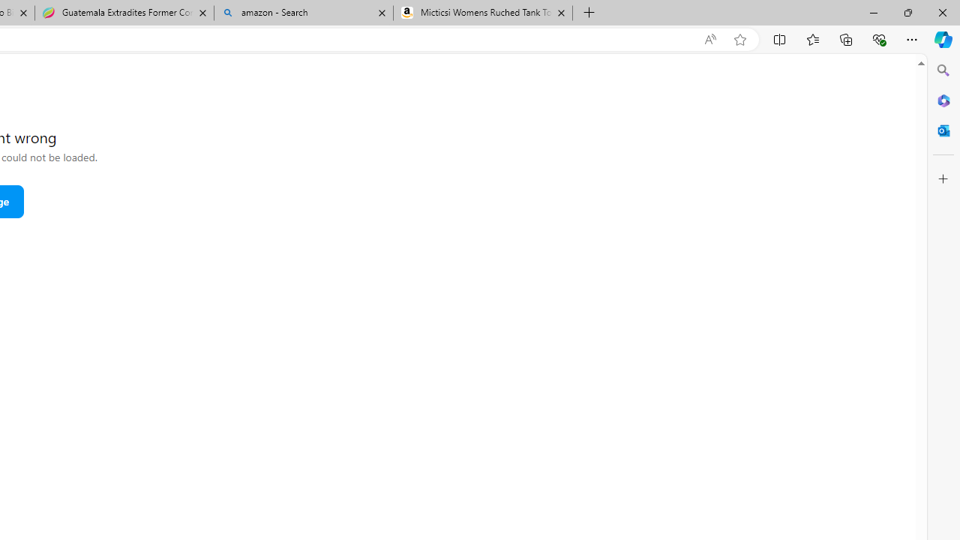  What do you see at coordinates (739, 39) in the screenshot?
I see `'Add this page to favorites (Ctrl+D)'` at bounding box center [739, 39].